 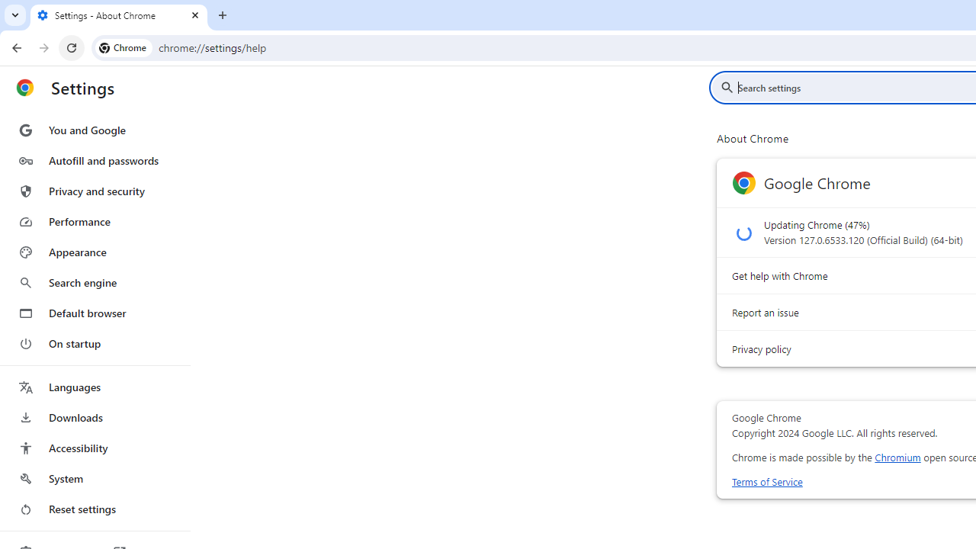 I want to click on 'Appearance', so click(x=94, y=252).